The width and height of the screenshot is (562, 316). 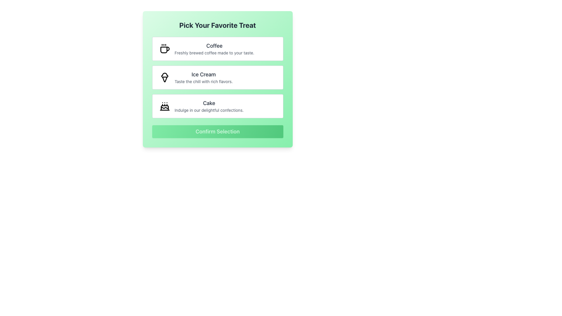 What do you see at coordinates (209, 110) in the screenshot?
I see `the descriptive text label for the selection option 'Cake', which is positioned directly beneath the title 'Cake' in the options list` at bounding box center [209, 110].